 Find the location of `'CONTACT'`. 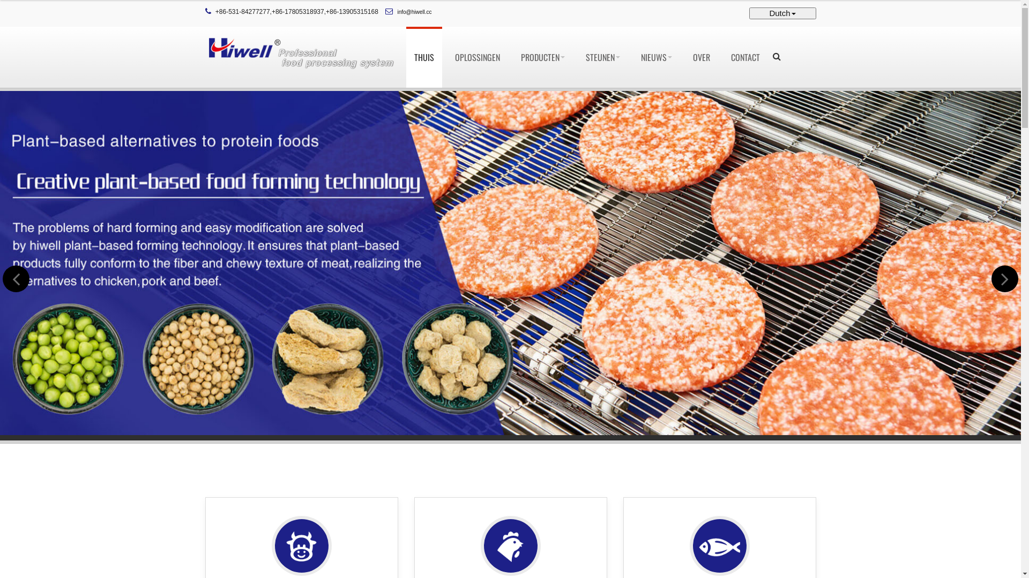

'CONTACT' is located at coordinates (744, 57).